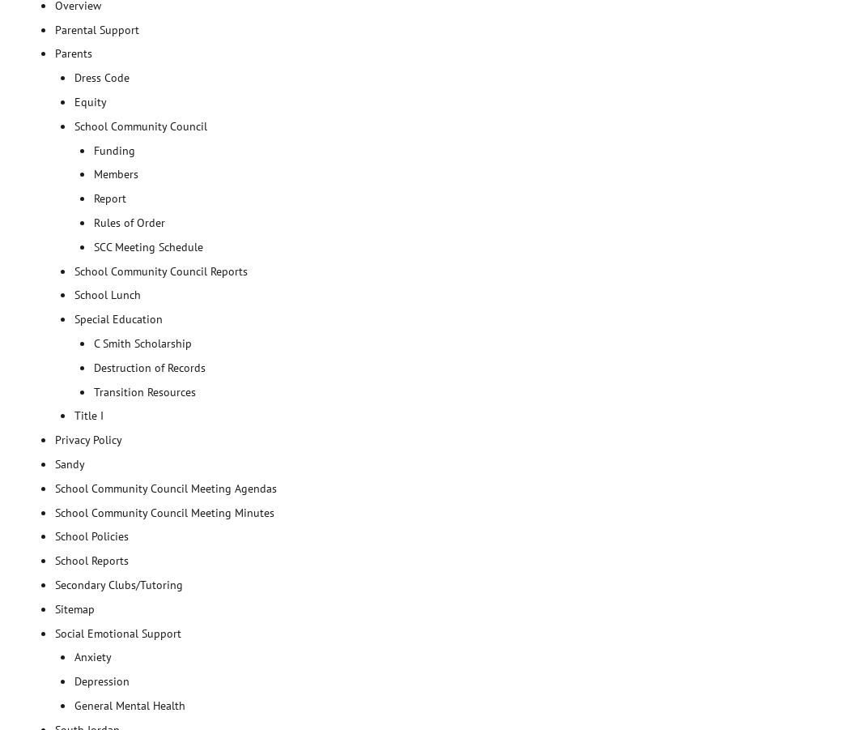 Image resolution: width=850 pixels, height=730 pixels. I want to click on 'Parents', so click(74, 53).